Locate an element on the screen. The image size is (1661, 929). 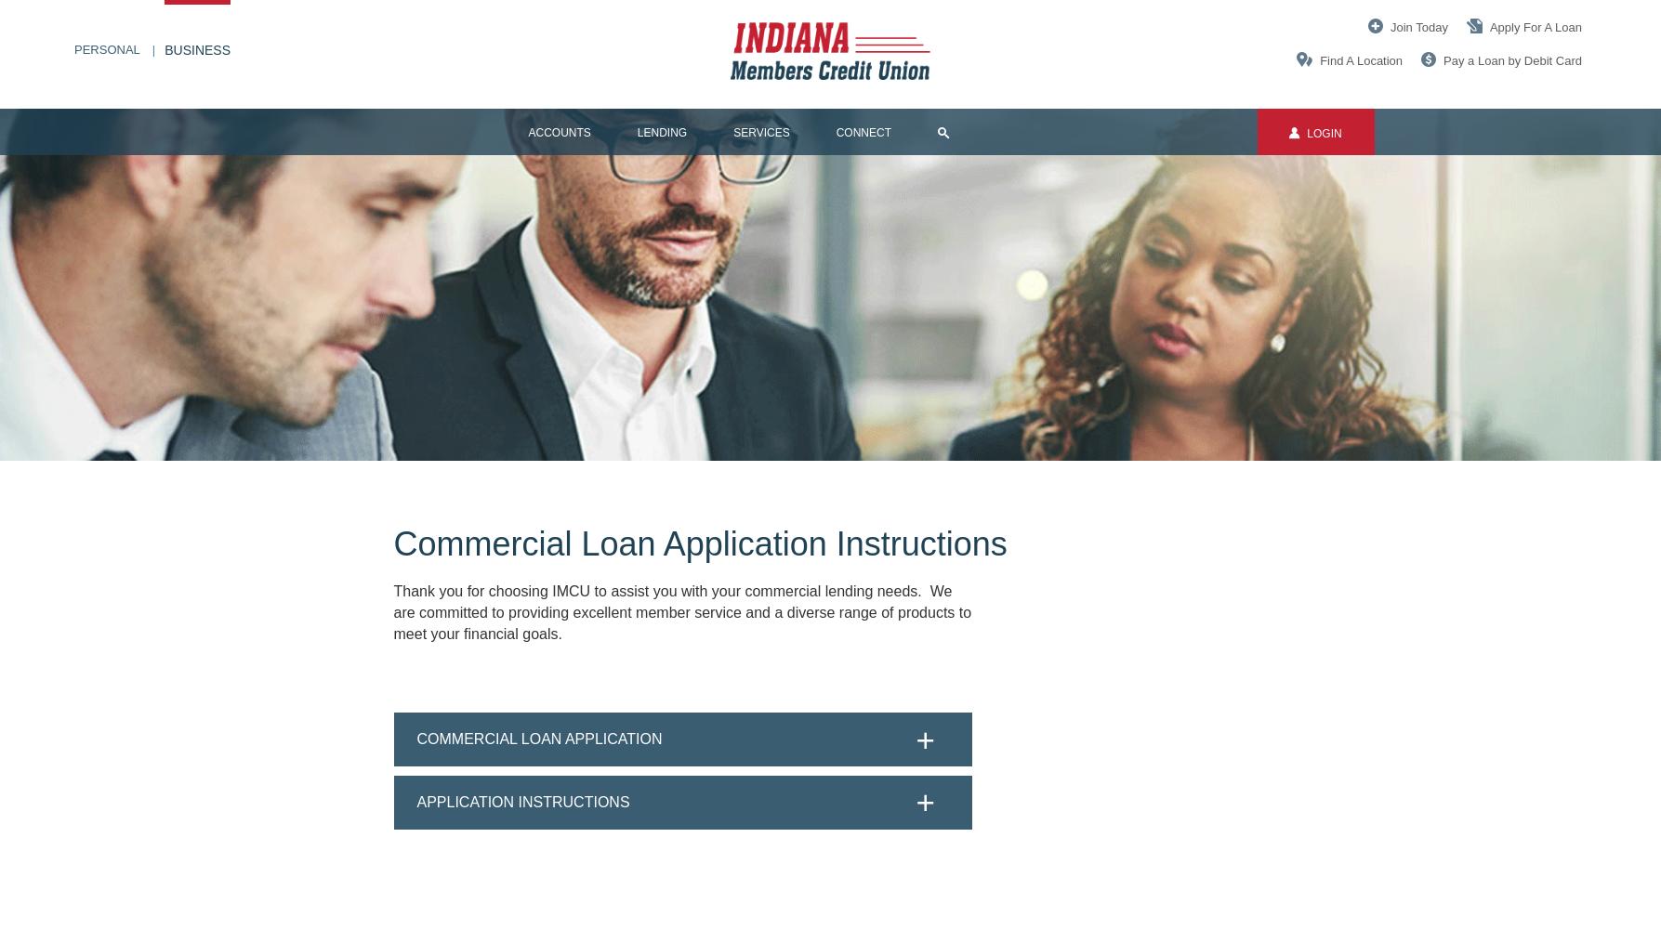
'Join' is located at coordinates (1401, 27).